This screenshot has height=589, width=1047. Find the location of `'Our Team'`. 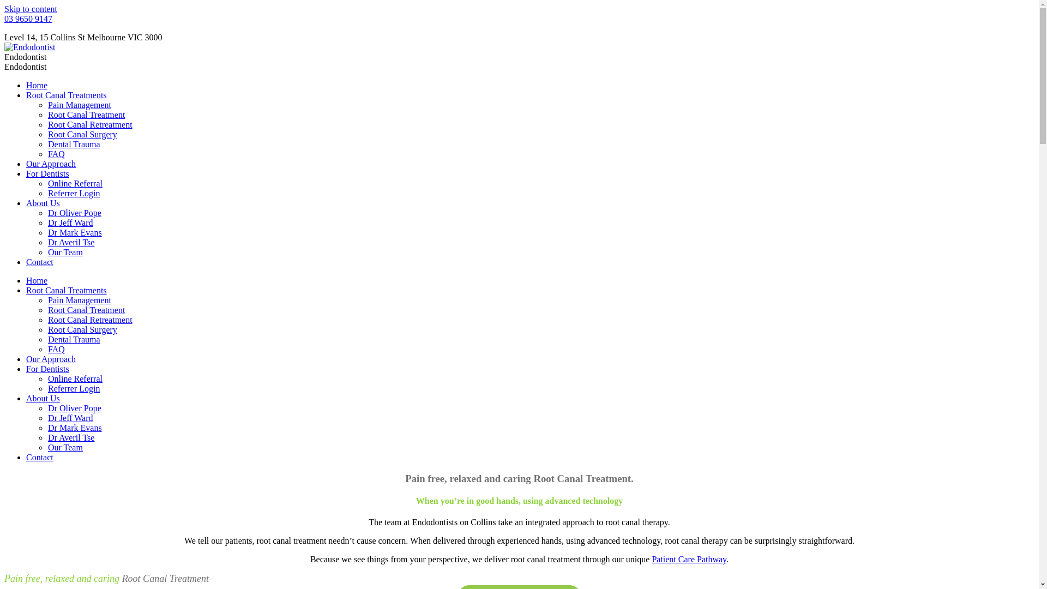

'Our Team' is located at coordinates (65, 447).